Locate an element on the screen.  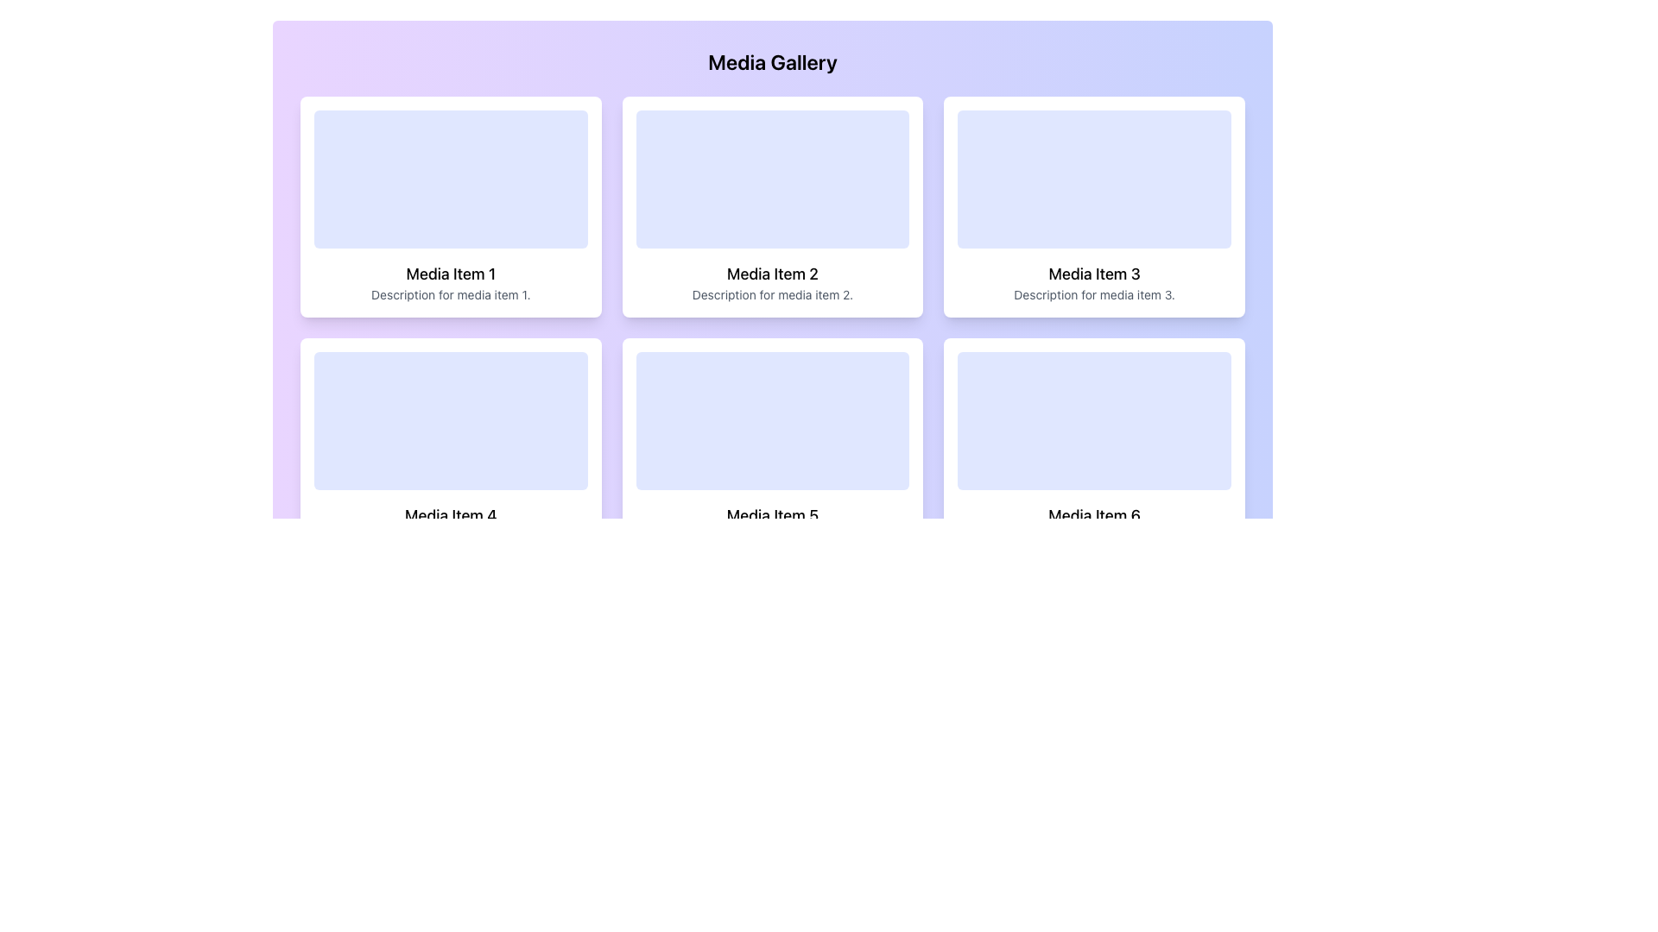
the second card in the grid layout that displays information for 'Media Item 2' is located at coordinates (771, 205).